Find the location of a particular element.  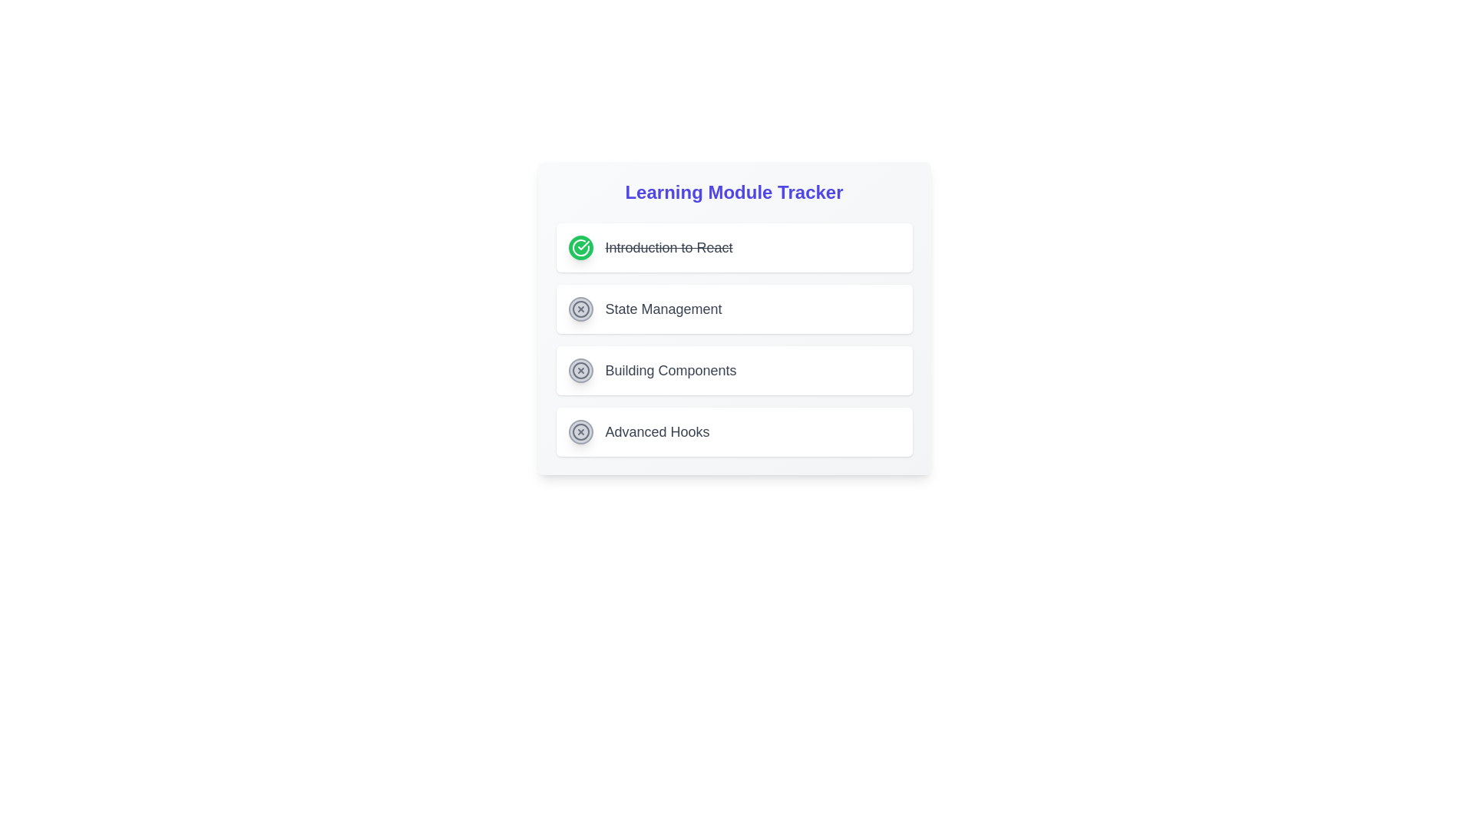

the first list item in the 'Learning Module Tracker' that features a green circular icon with a checkmark and text 'Introduction to React', which is styled with a line-through effect is located at coordinates (650, 247).